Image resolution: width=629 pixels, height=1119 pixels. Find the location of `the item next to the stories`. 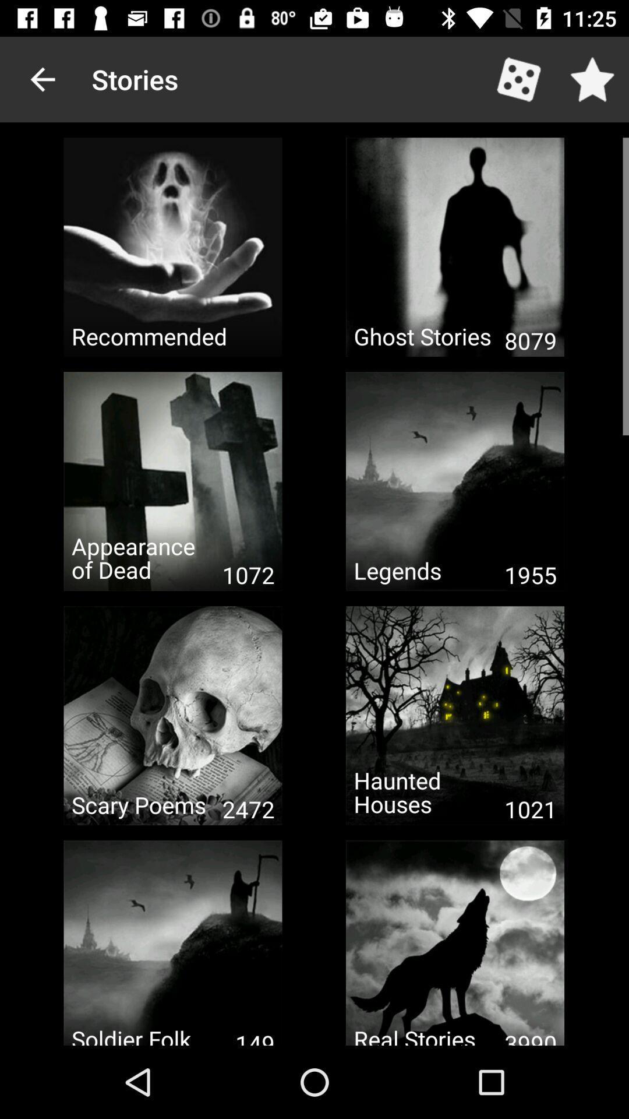

the item next to the stories is located at coordinates (42, 79).